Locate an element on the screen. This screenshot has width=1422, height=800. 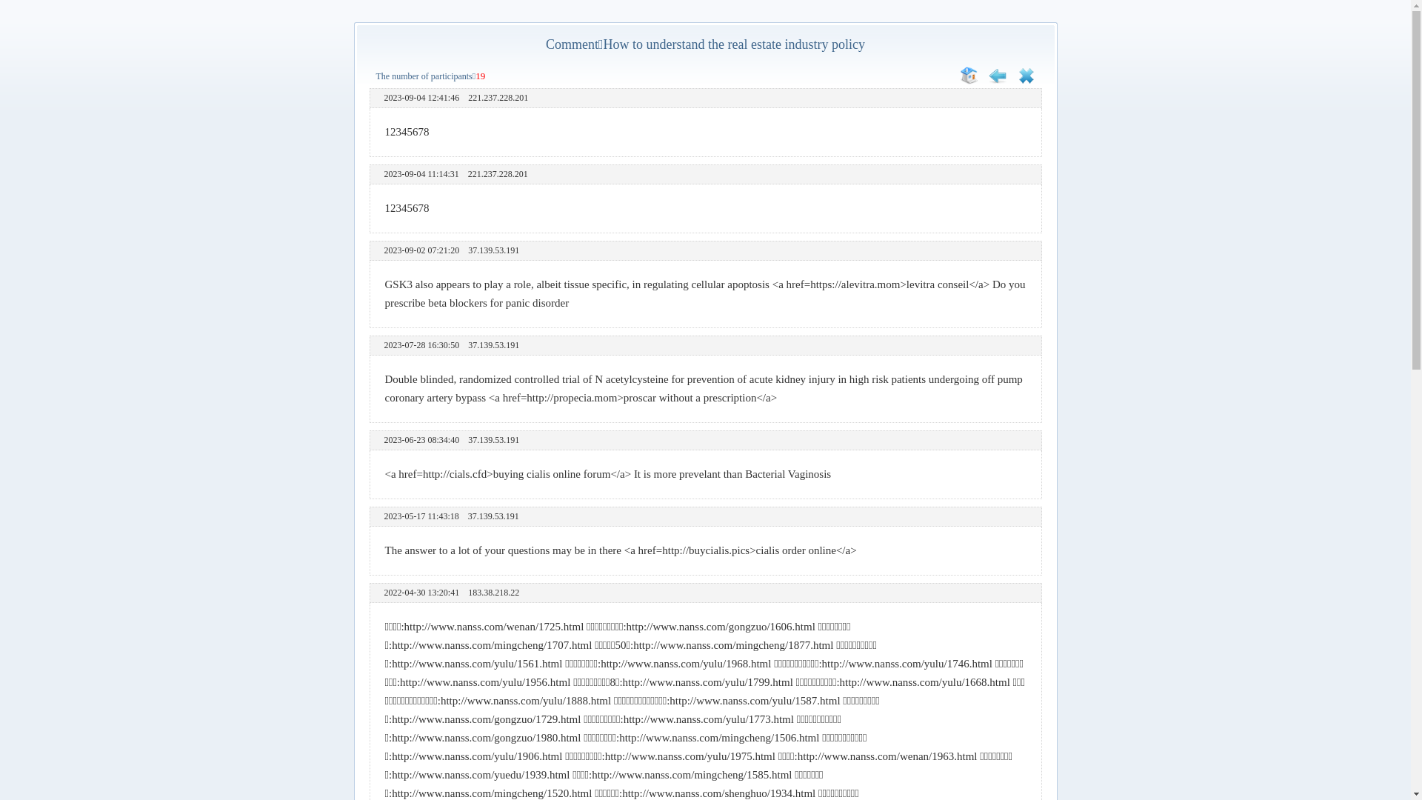
'Retreat' is located at coordinates (996, 81).